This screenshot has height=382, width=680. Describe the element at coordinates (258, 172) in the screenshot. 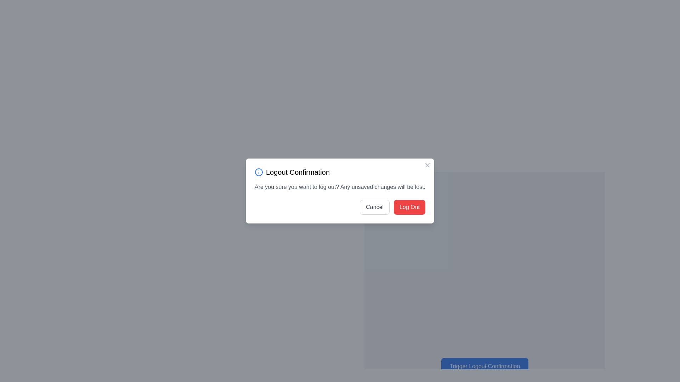

I see `the informational icon located to the left of the 'Logout Confirmation' title text in the top-left corner of the dialog box, which serves a decorative role` at that location.